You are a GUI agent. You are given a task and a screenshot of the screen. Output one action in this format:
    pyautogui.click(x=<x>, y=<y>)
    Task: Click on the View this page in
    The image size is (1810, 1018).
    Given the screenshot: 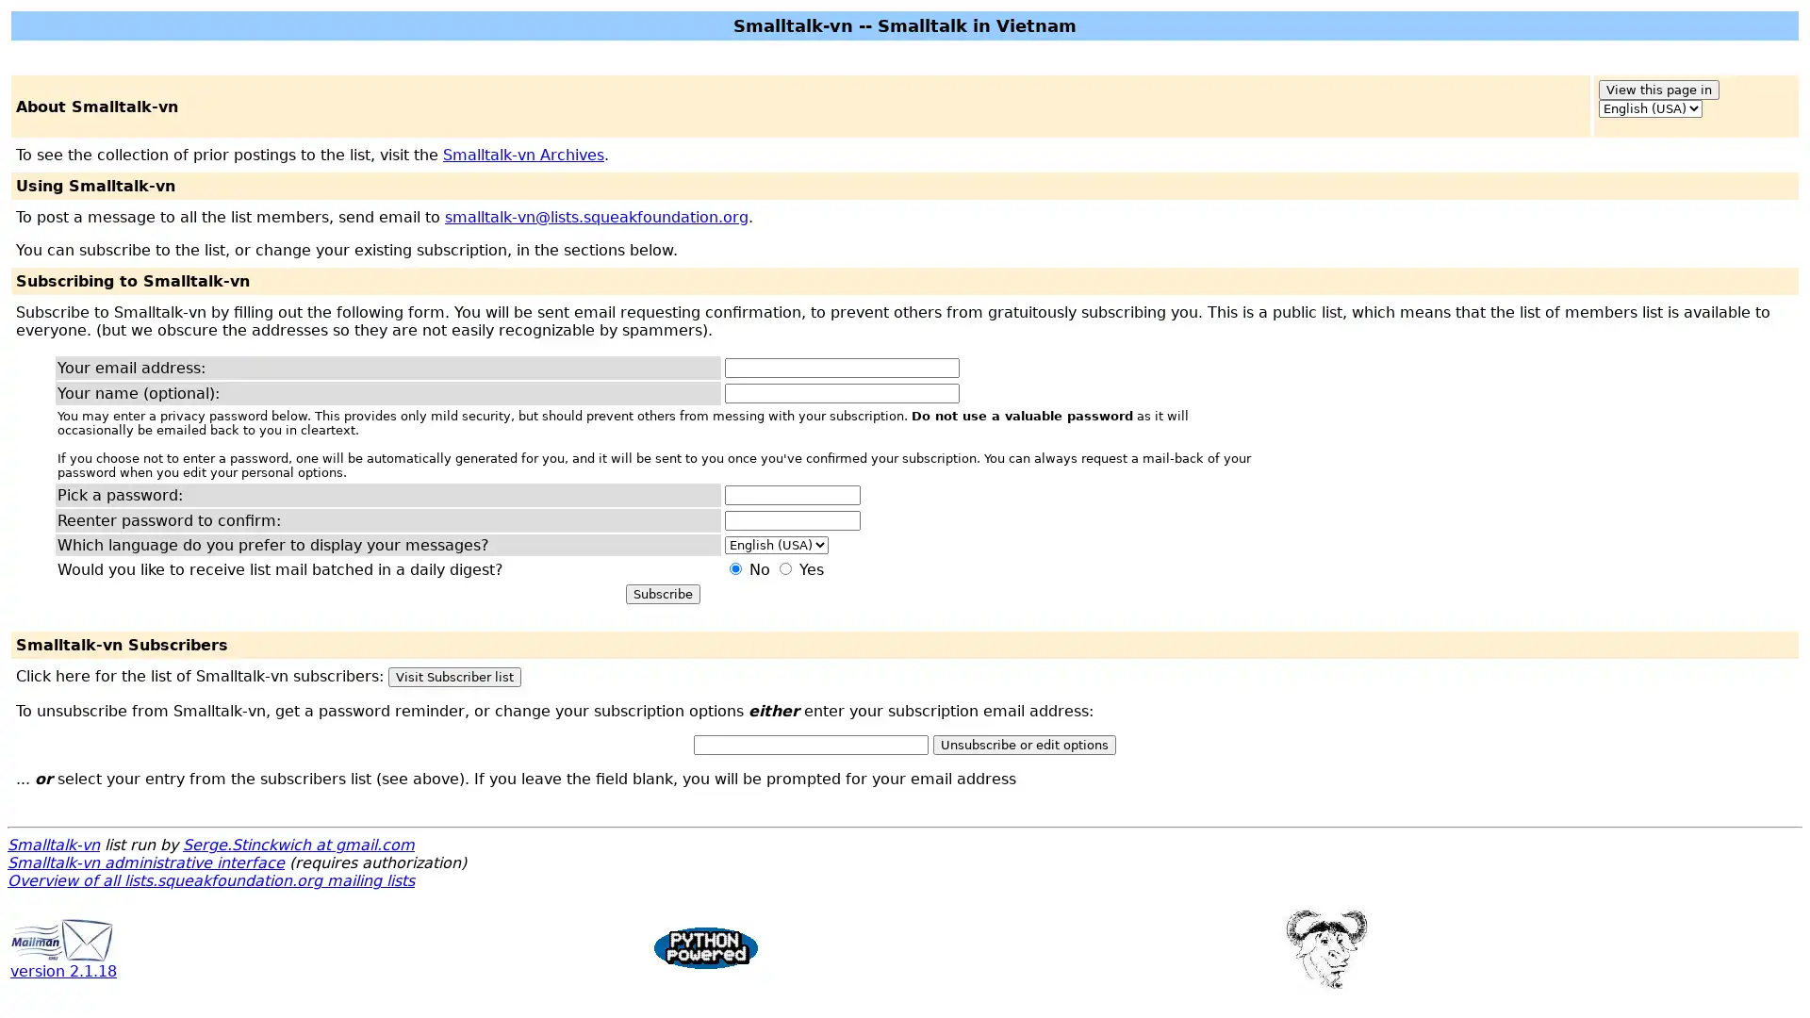 What is the action you would take?
    pyautogui.click(x=1659, y=90)
    